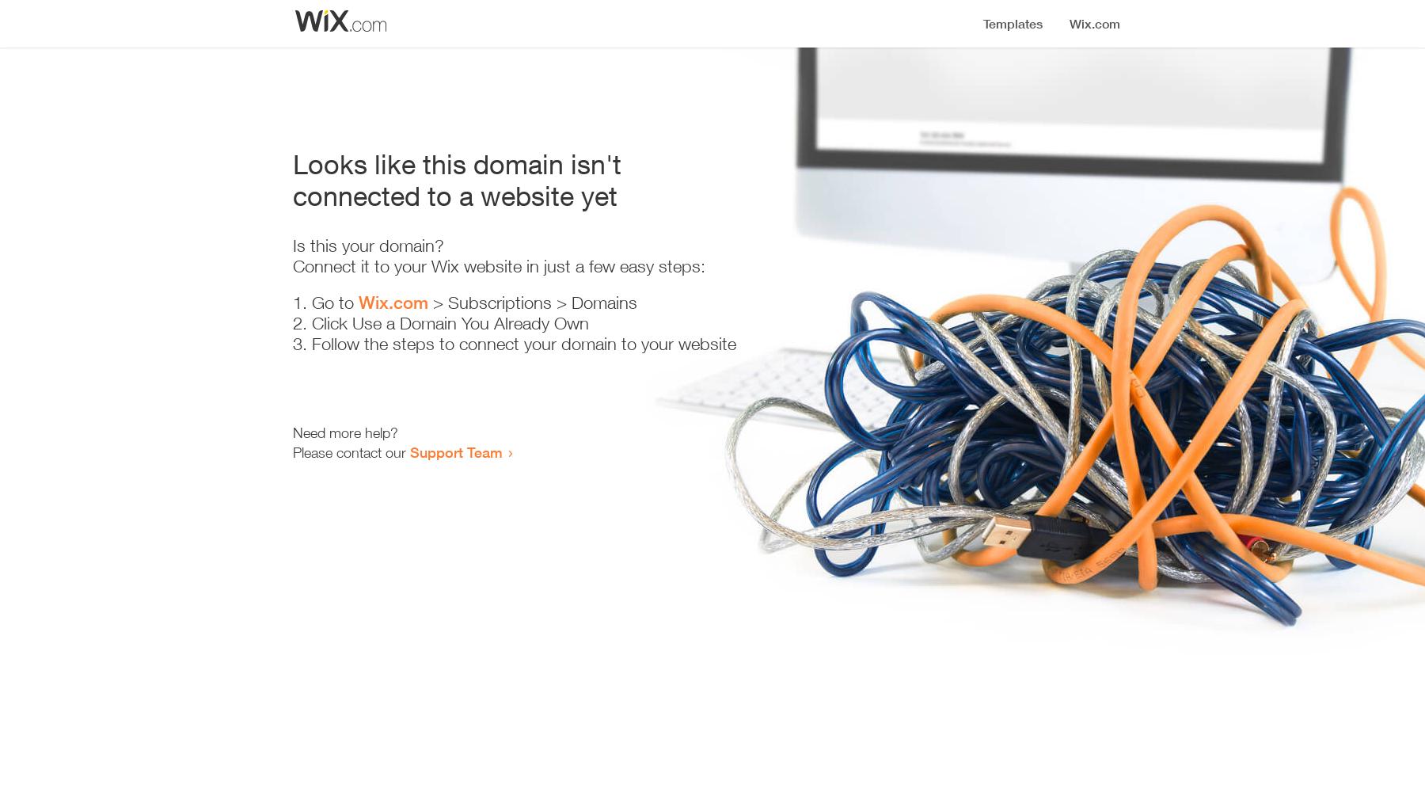  I want to click on 'Looks like this domain isn't', so click(457, 163).